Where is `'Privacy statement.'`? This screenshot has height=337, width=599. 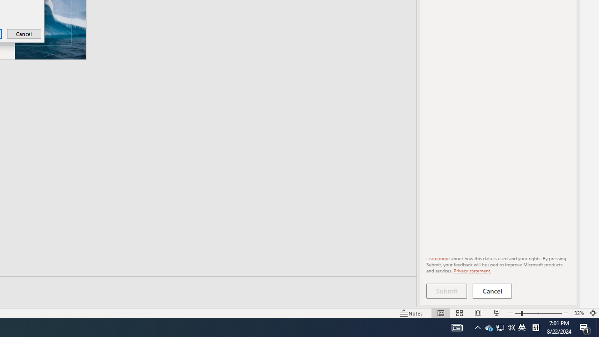
'Privacy statement.' is located at coordinates (472, 270).